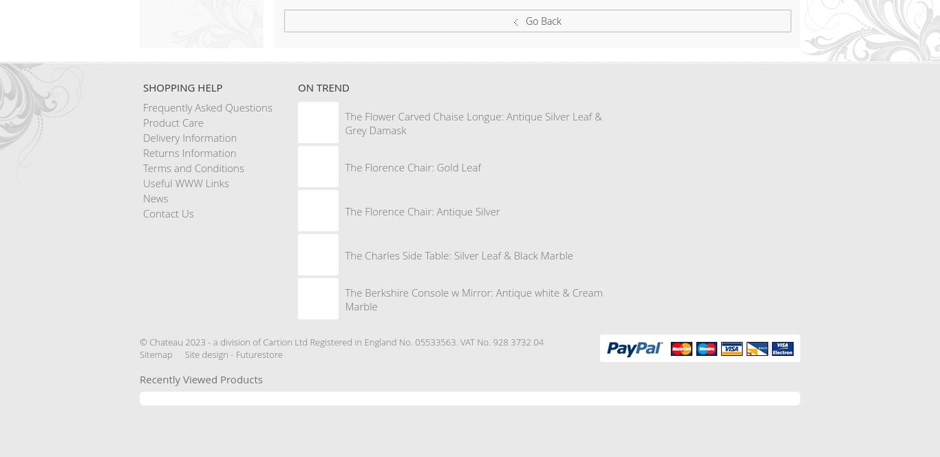 This screenshot has width=940, height=457. I want to click on 'The Charles Side Table: Silver Leaf & Black Marble', so click(345, 255).